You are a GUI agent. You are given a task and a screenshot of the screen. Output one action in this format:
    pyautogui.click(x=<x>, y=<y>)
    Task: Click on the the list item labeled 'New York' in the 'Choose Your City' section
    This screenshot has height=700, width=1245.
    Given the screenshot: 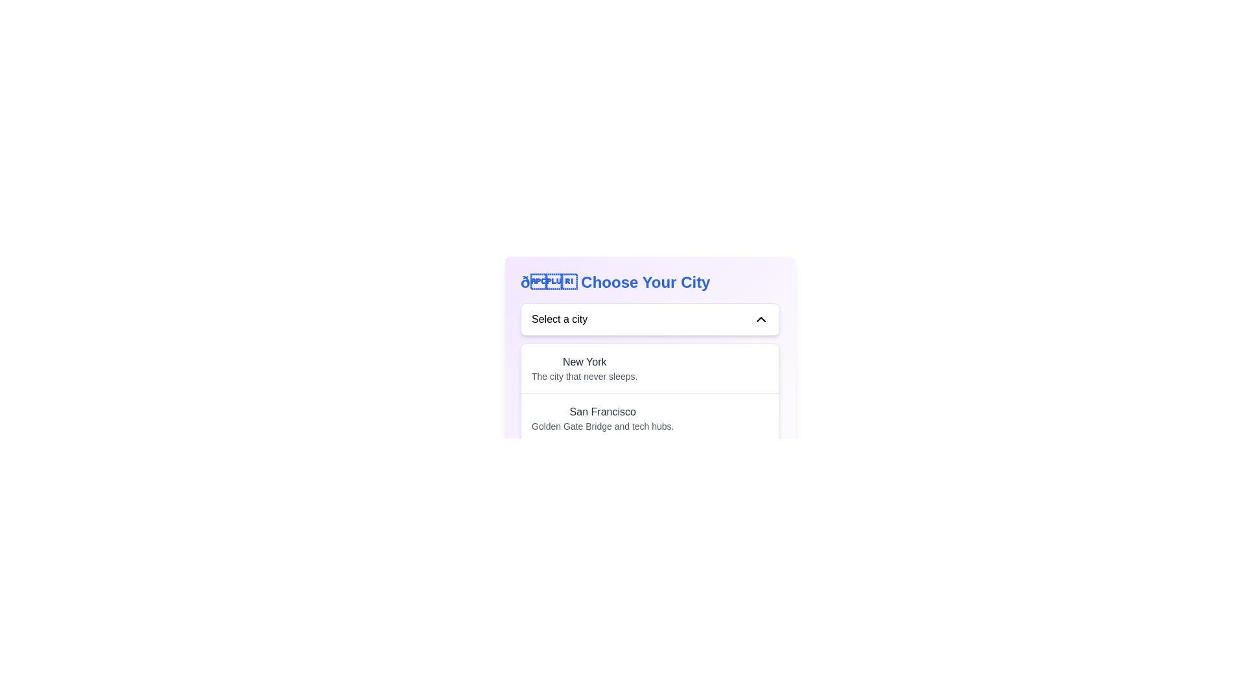 What is the action you would take?
    pyautogui.click(x=584, y=369)
    